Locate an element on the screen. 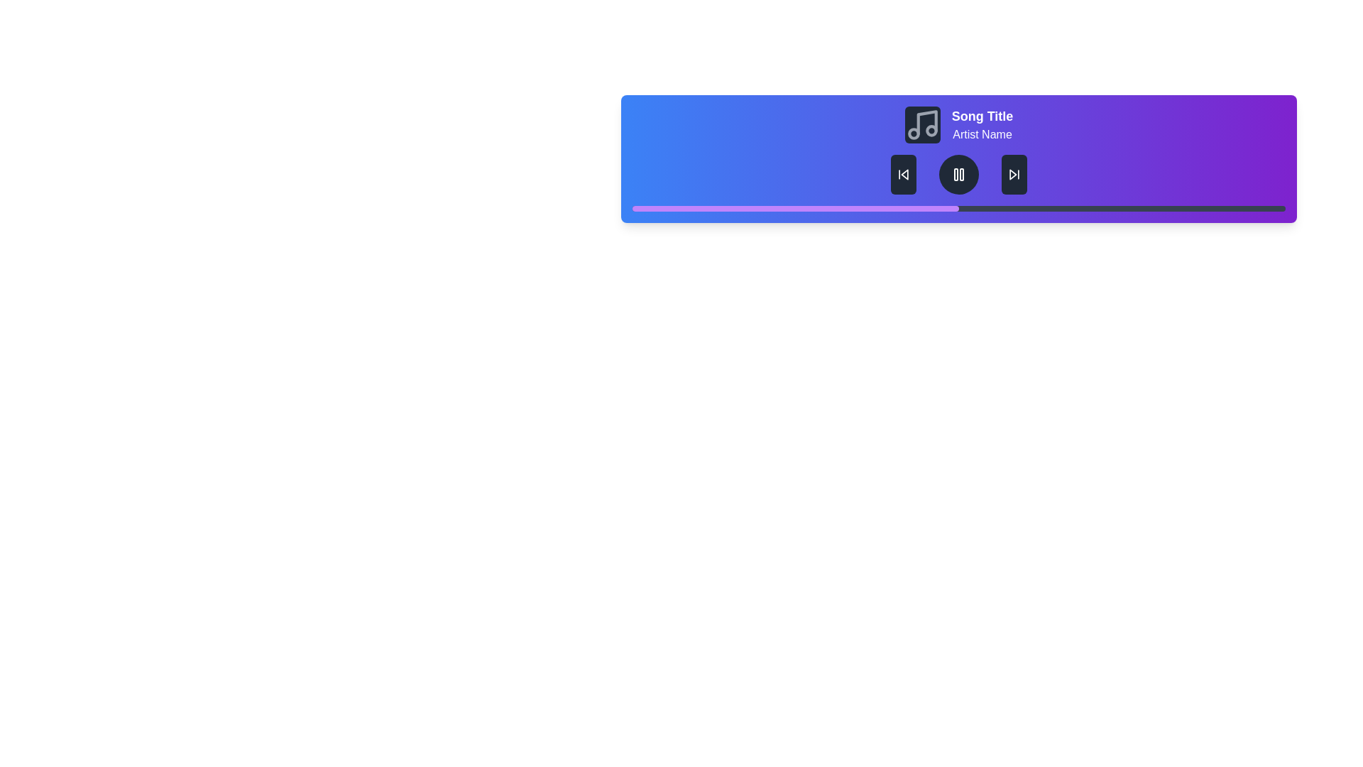  the circular graphic element that serves as a visual decoration within the music note icon located in the music control panel is located at coordinates (914, 134).